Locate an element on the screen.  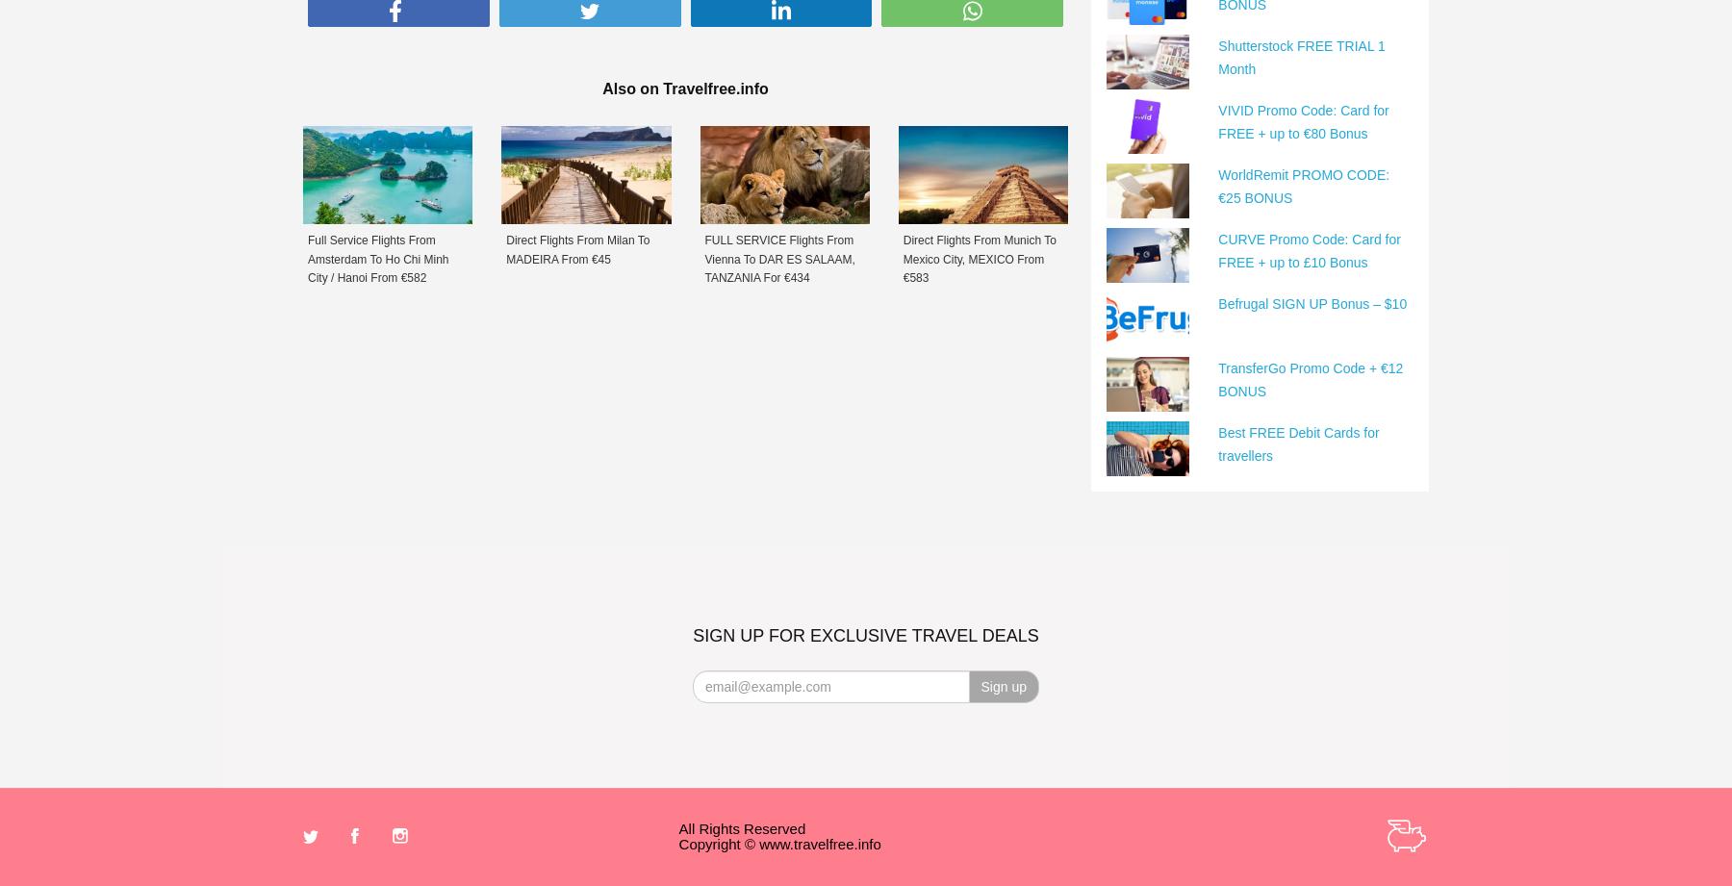
'Direct flights from Milan to MADEIRA from €45' is located at coordinates (577, 248).